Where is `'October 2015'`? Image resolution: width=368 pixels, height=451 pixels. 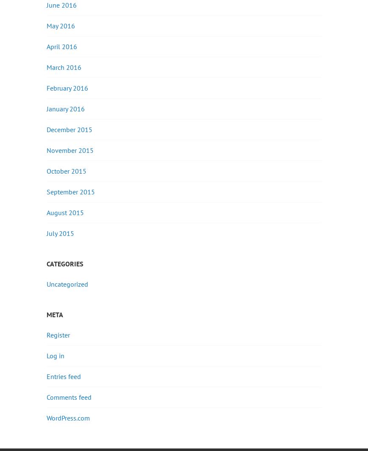 'October 2015' is located at coordinates (67, 170).